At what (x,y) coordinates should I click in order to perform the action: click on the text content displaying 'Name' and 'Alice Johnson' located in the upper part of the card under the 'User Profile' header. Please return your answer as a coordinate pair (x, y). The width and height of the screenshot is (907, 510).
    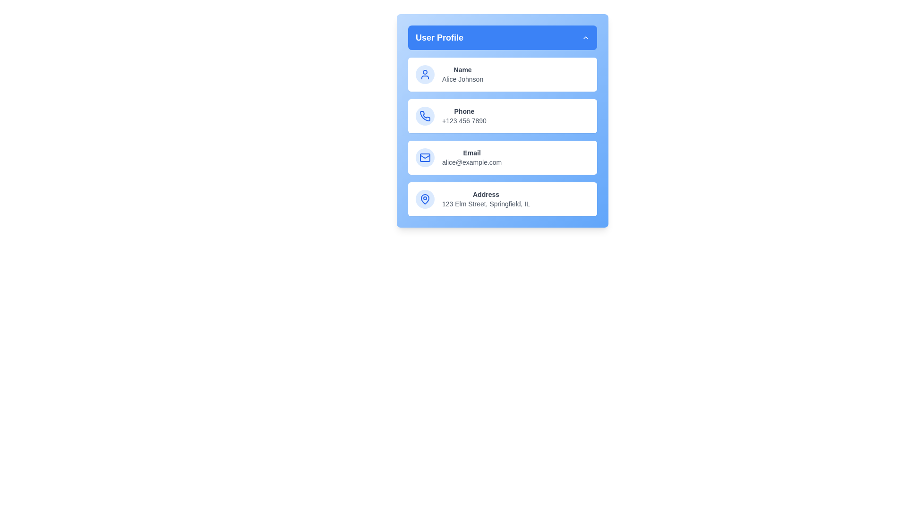
    Looking at the image, I should click on (462, 74).